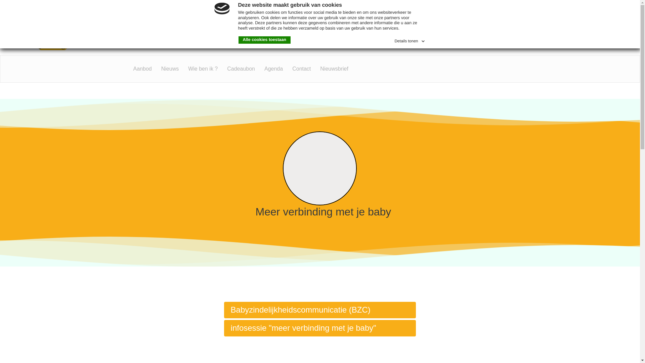  What do you see at coordinates (203, 69) in the screenshot?
I see `'Wie ben ik ?'` at bounding box center [203, 69].